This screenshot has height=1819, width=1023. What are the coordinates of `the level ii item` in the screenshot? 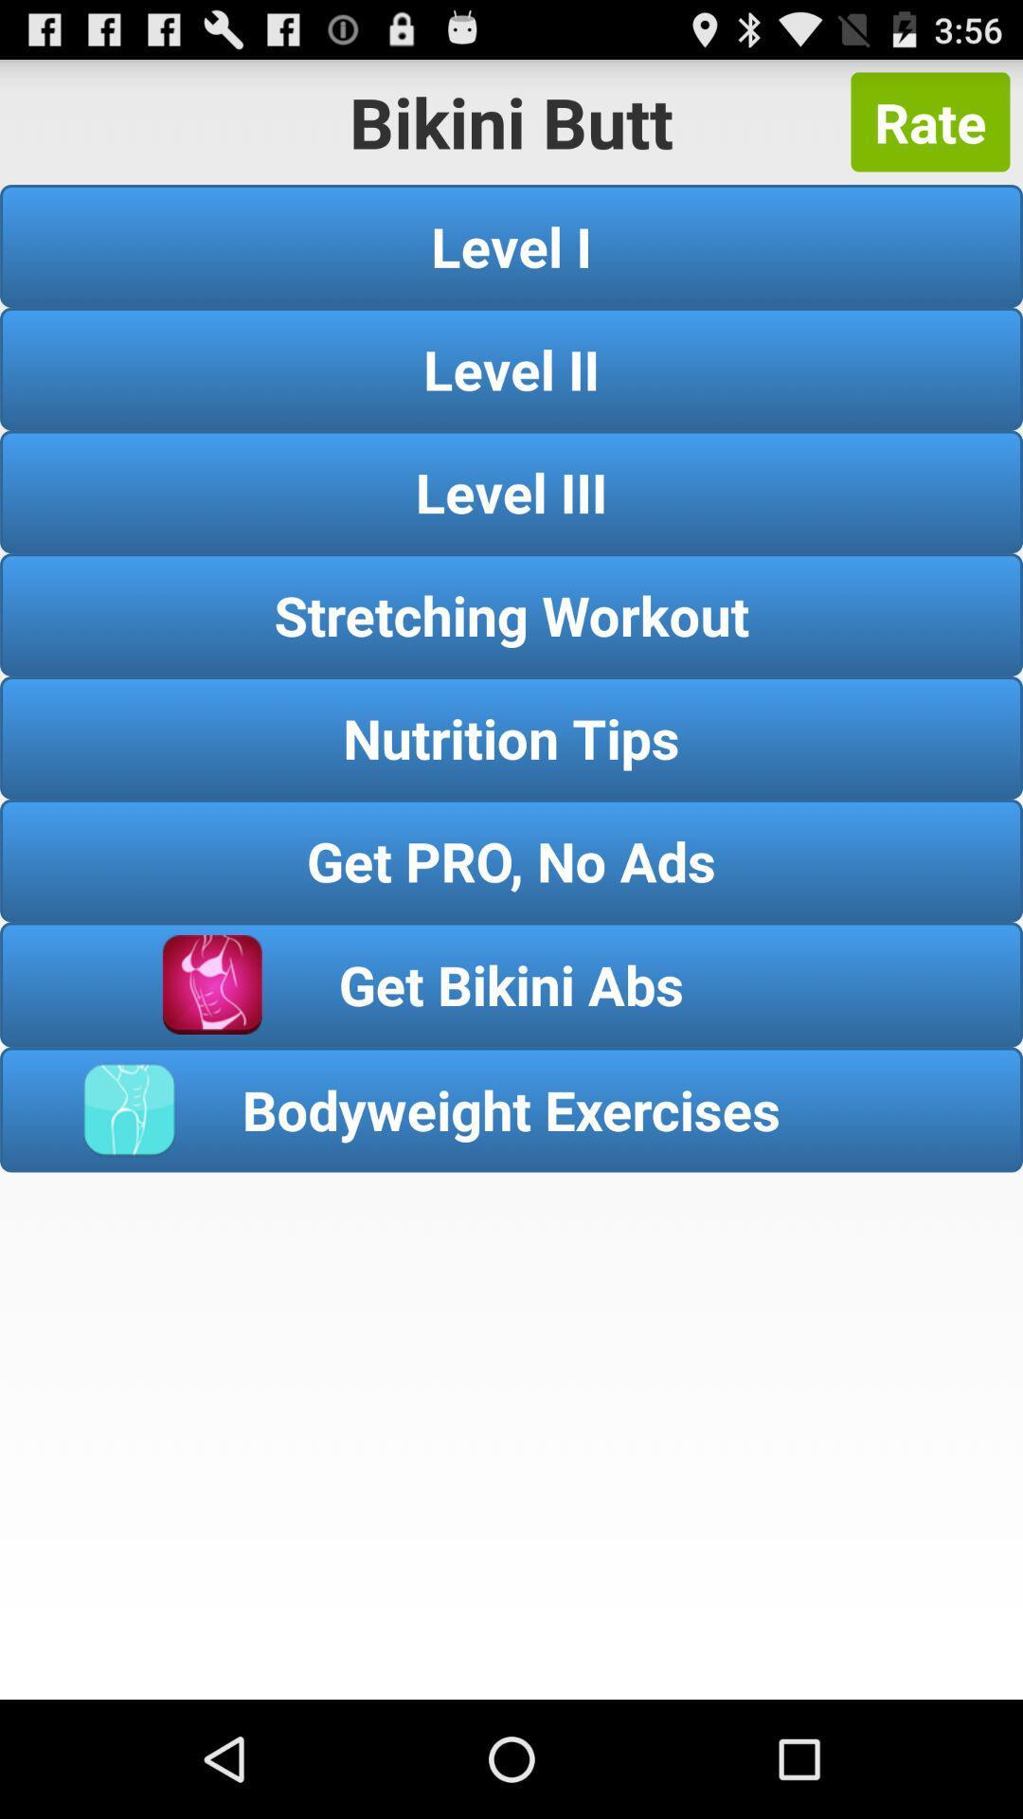 It's located at (511, 369).